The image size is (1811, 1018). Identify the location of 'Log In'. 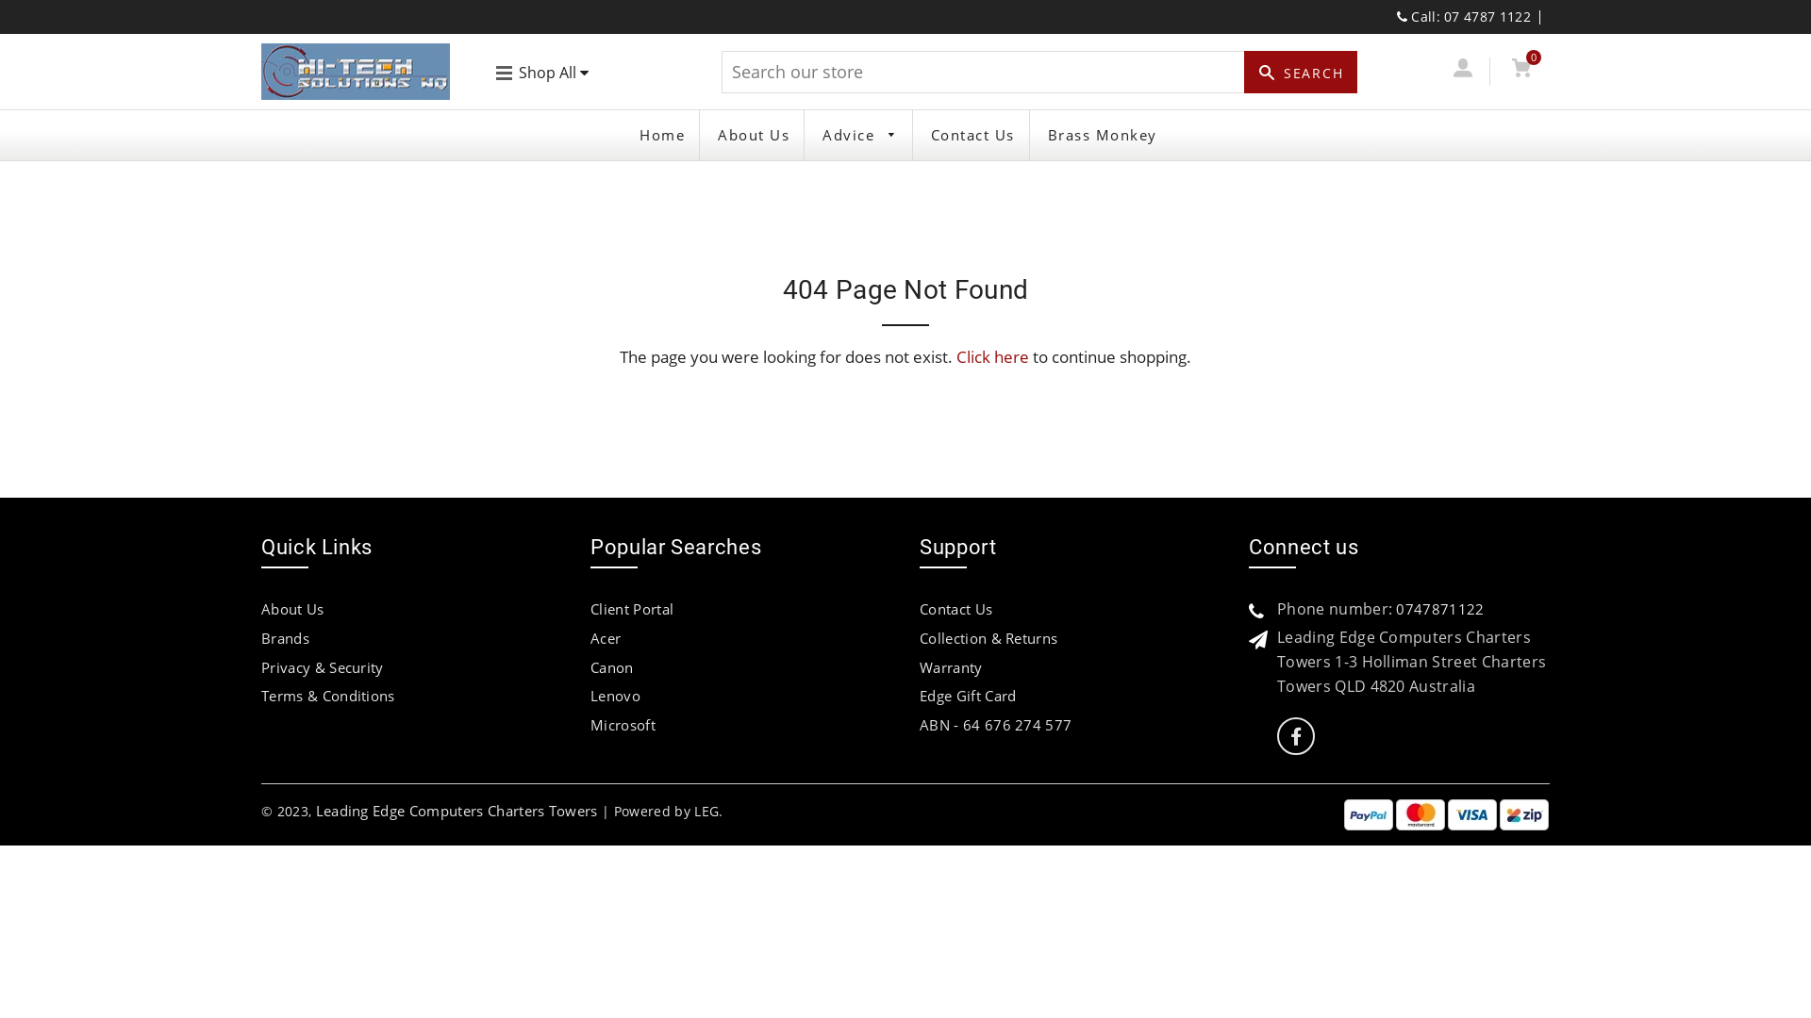
(1461, 70).